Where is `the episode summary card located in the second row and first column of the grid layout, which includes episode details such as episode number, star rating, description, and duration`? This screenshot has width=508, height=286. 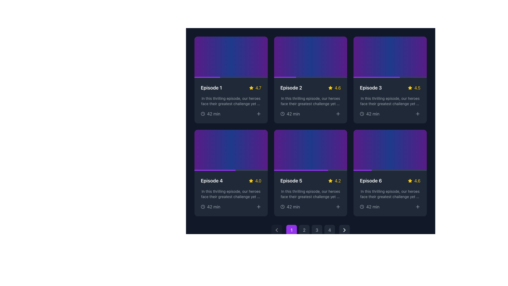
the episode summary card located in the second row and first column of the grid layout, which includes episode details such as episode number, star rating, description, and duration is located at coordinates (231, 194).